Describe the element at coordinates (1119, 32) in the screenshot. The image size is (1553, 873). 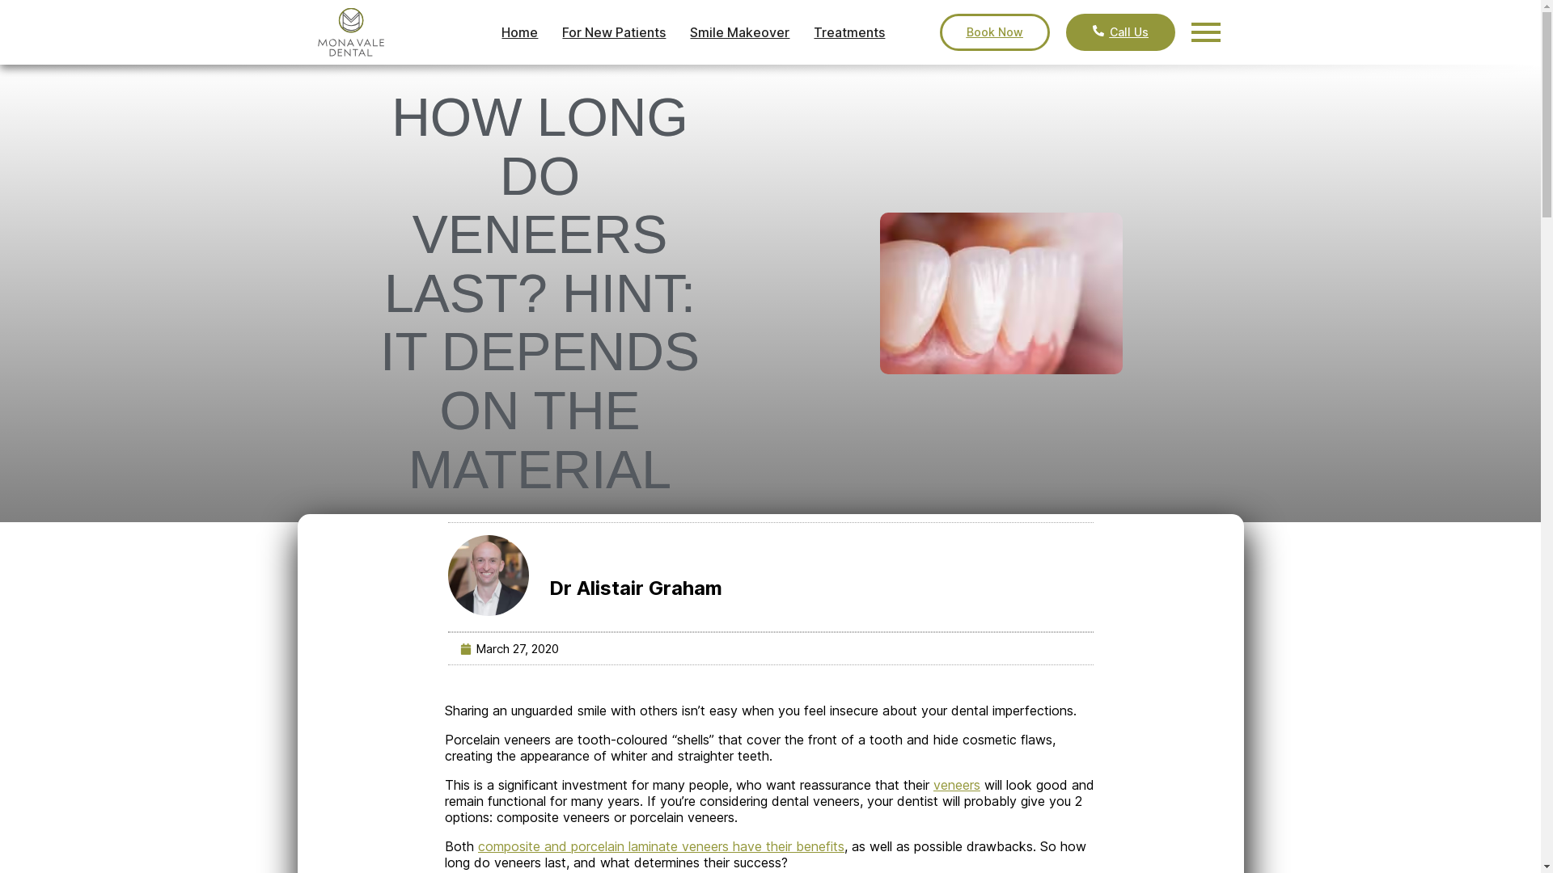
I see `'Call Us'` at that location.